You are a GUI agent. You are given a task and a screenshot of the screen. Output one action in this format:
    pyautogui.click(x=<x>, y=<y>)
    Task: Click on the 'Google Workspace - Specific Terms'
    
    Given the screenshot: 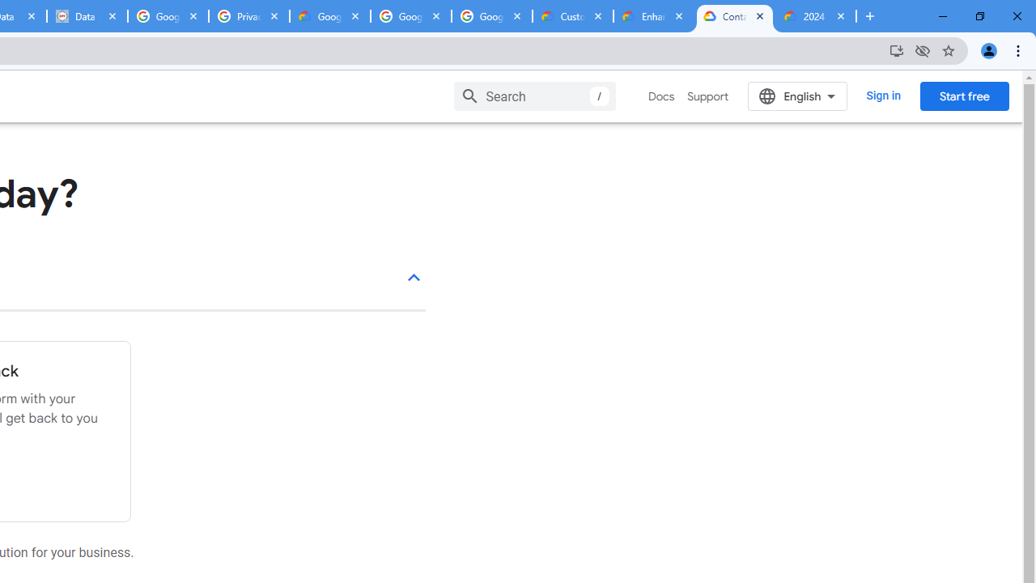 What is the action you would take?
    pyautogui.click(x=411, y=16)
    